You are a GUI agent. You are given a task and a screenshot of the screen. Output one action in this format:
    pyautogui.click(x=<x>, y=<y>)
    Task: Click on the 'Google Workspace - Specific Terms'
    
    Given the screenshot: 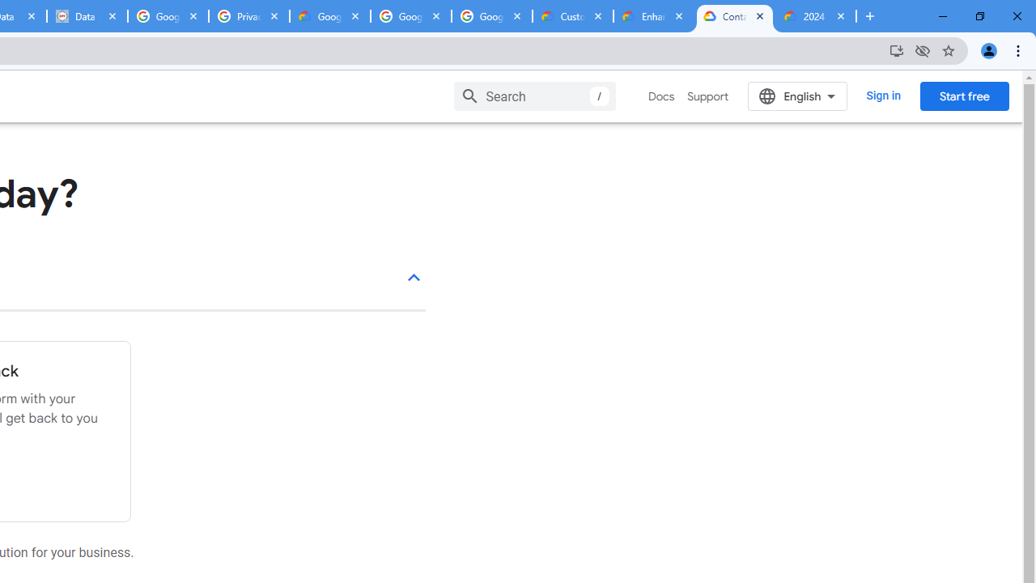 What is the action you would take?
    pyautogui.click(x=411, y=16)
    